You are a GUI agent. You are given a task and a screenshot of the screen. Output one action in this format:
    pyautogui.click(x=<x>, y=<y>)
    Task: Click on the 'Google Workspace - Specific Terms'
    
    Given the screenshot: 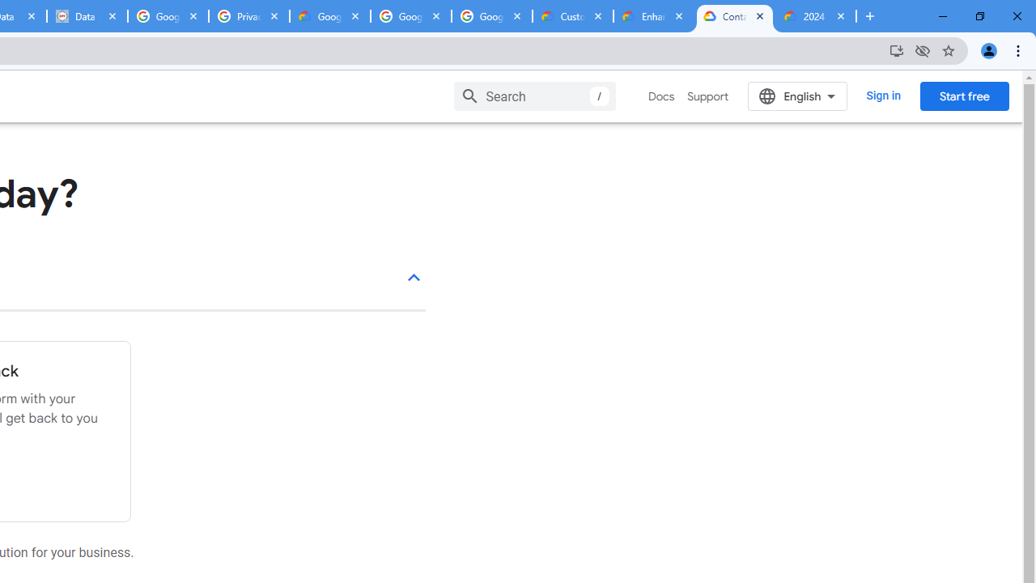 What is the action you would take?
    pyautogui.click(x=411, y=16)
    